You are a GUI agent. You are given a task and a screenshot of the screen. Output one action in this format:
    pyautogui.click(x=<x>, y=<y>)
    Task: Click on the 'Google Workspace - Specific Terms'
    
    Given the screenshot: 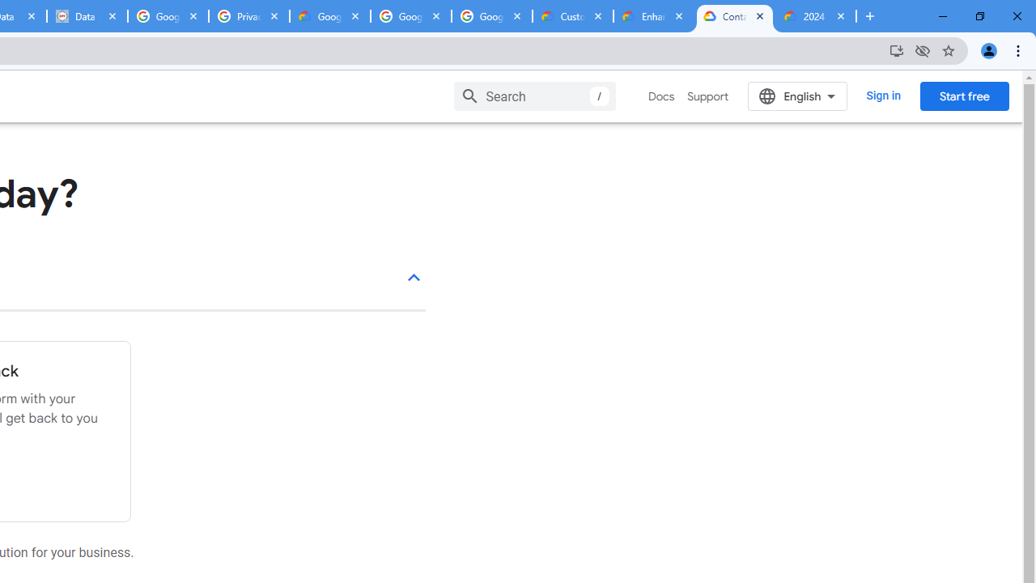 What is the action you would take?
    pyautogui.click(x=411, y=16)
    